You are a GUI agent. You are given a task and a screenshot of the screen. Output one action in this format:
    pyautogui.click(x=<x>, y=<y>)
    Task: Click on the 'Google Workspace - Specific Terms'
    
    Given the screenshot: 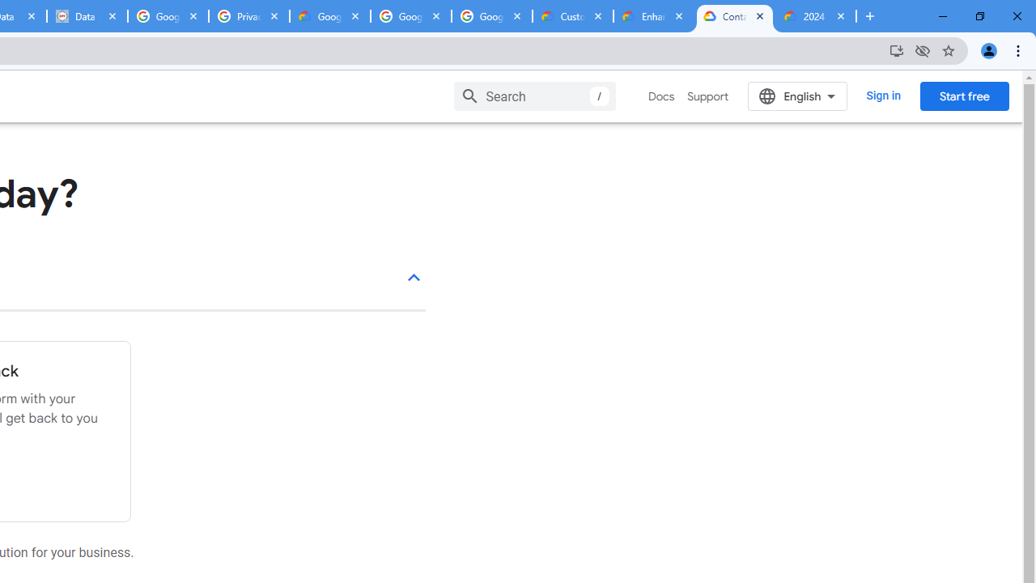 What is the action you would take?
    pyautogui.click(x=411, y=16)
    